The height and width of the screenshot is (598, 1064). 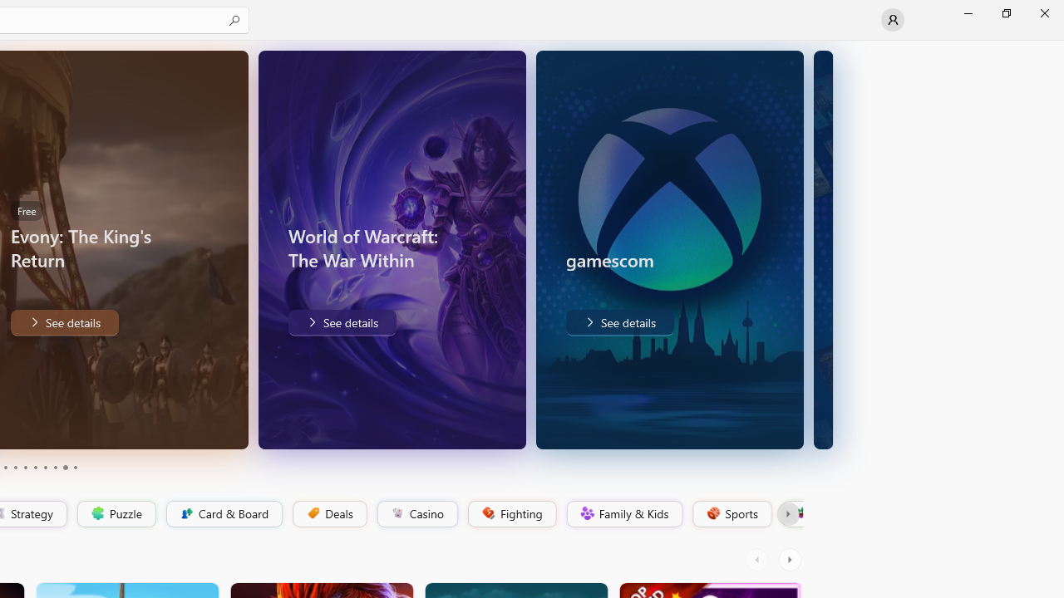 I want to click on 'Page 3', so click(x=4, y=468).